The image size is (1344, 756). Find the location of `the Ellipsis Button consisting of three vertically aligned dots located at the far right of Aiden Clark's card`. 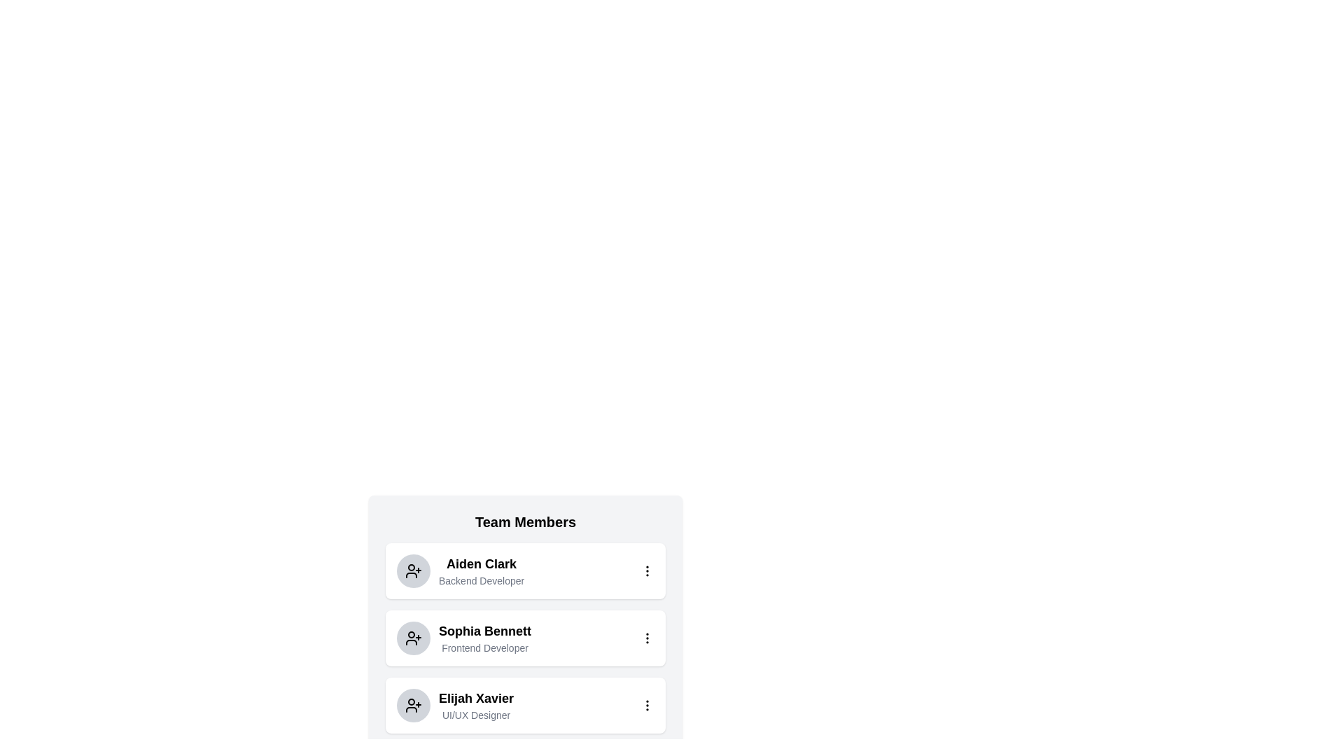

the Ellipsis Button consisting of three vertically aligned dots located at the far right of Aiden Clark's card is located at coordinates (647, 571).